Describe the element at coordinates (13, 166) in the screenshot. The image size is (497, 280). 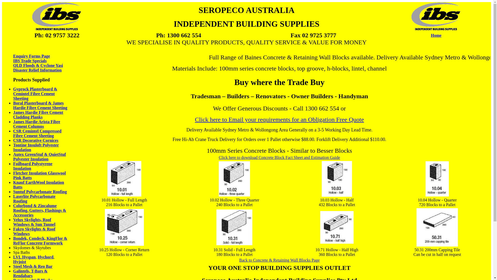
I see `'Foilboard Polystyrene Insulation'` at that location.